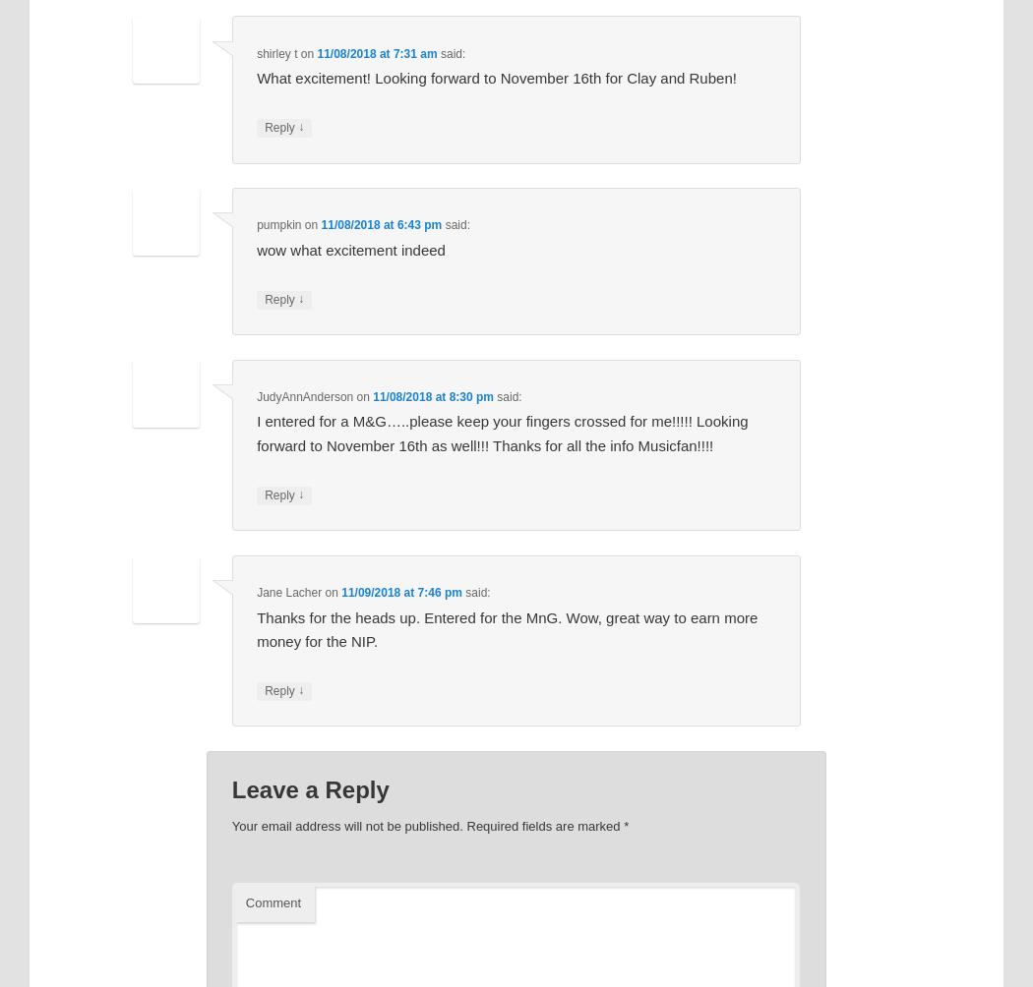 The height and width of the screenshot is (987, 1033). Describe the element at coordinates (230, 826) in the screenshot. I see `'Your email address will not be published.'` at that location.